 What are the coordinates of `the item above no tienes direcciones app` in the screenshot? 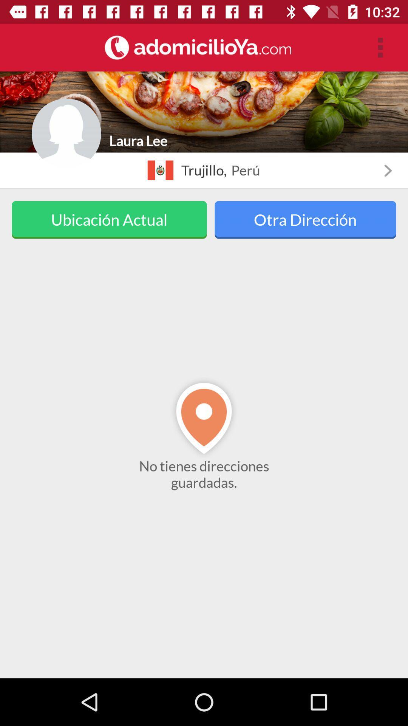 It's located at (305, 219).